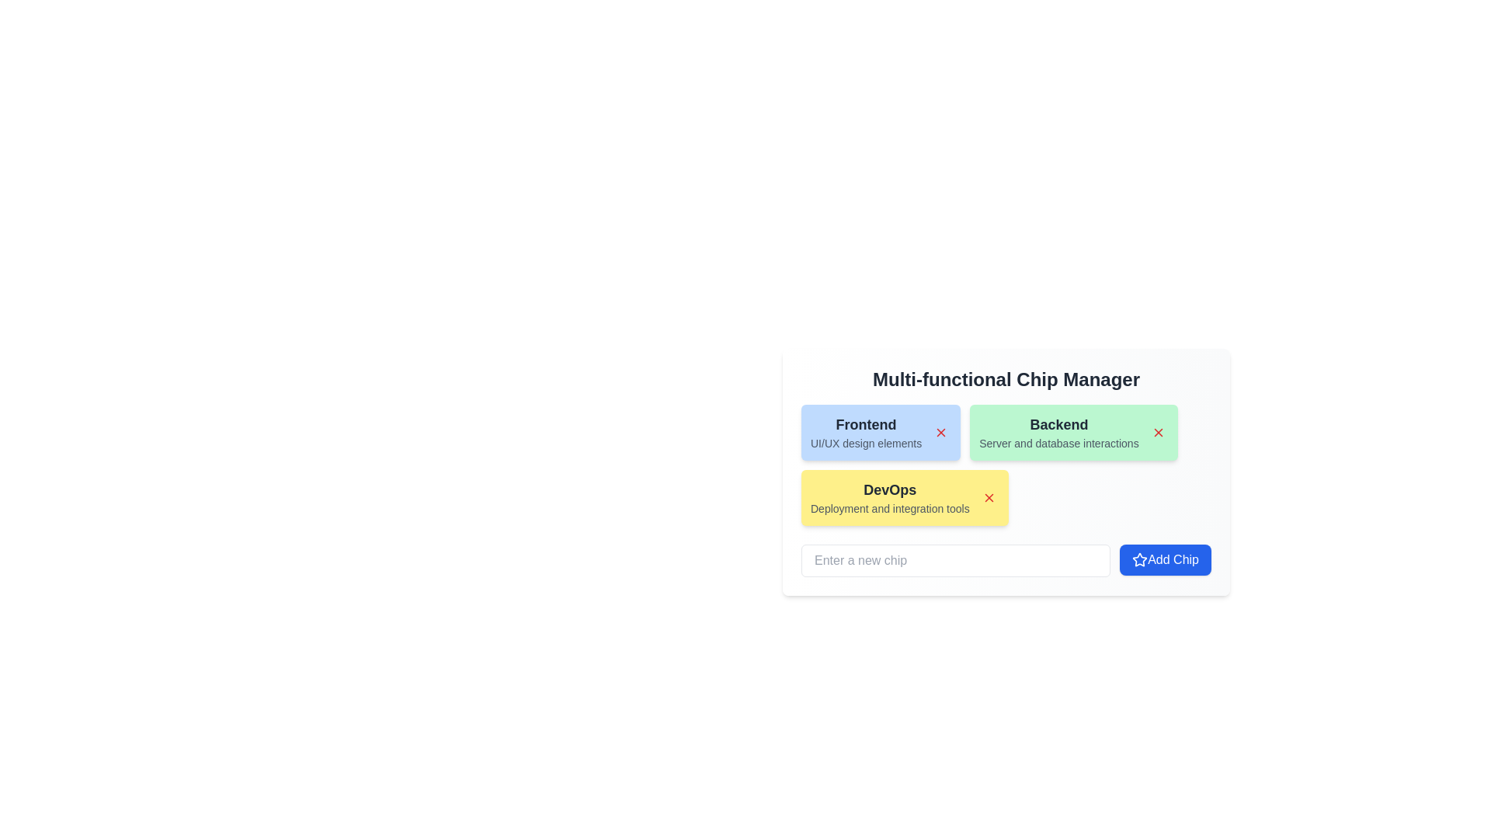  I want to click on the red 'X' button located at the top-right corner of the green rectangular section labeled 'Backend', so click(1158, 432).